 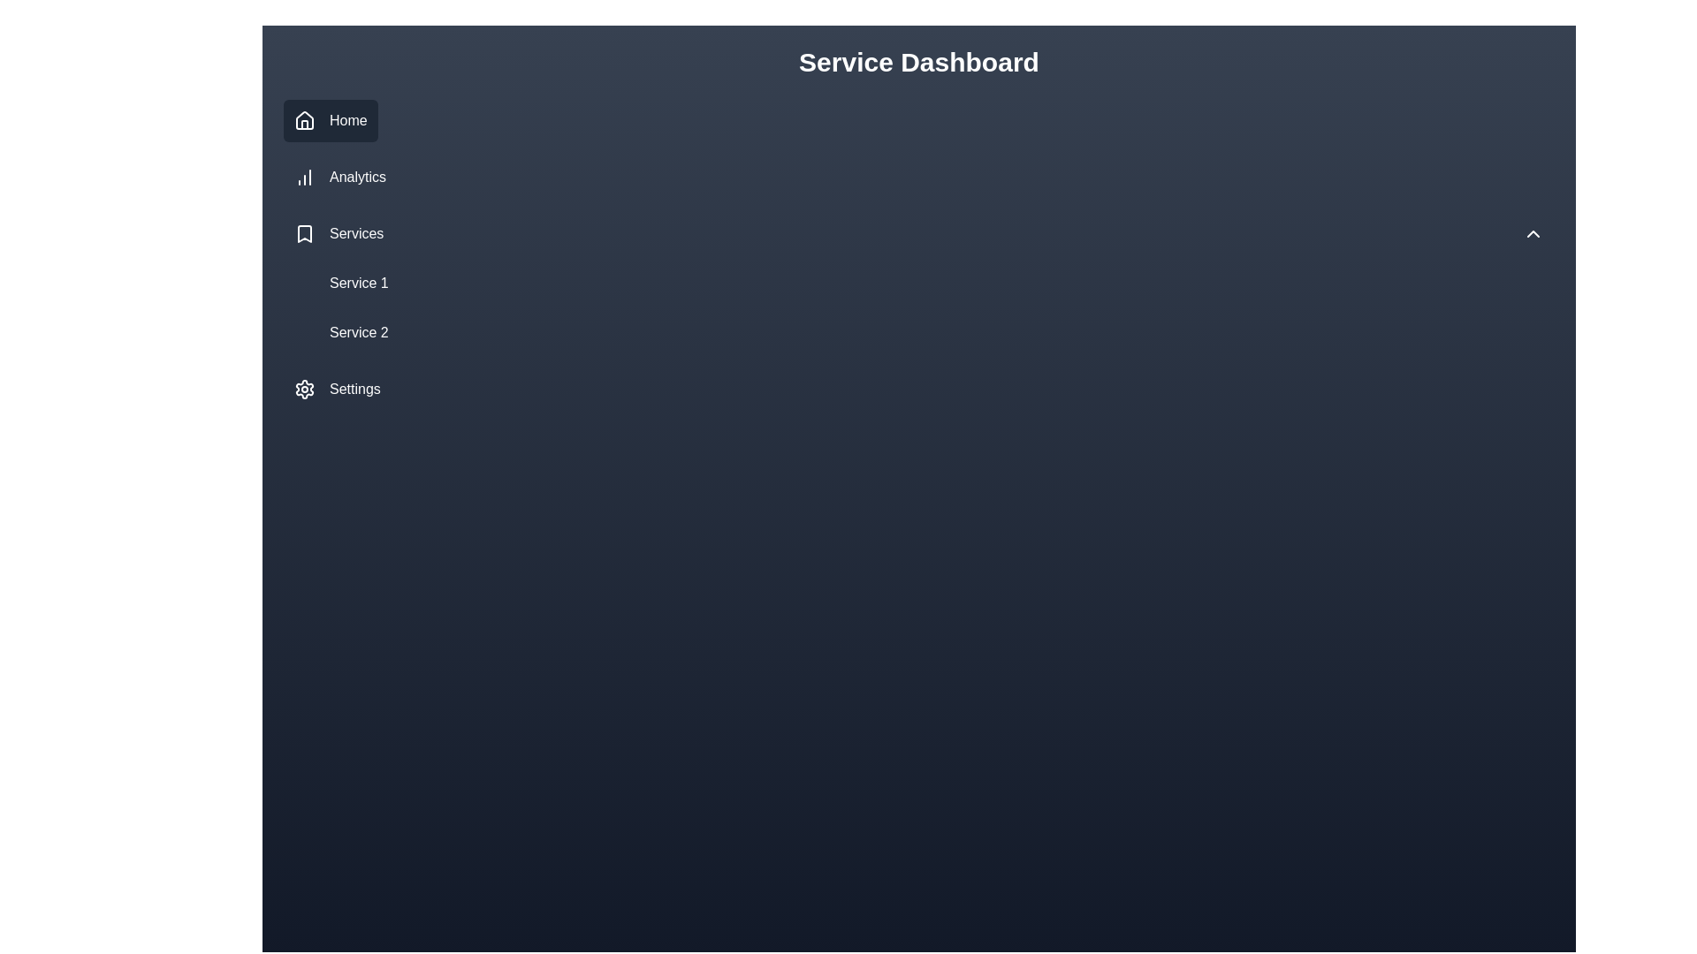 What do you see at coordinates (347, 120) in the screenshot?
I see `on the 'Home' text label in the navigation sidebar, which is displayed in white font on a dark blue background, positioned next` at bounding box center [347, 120].